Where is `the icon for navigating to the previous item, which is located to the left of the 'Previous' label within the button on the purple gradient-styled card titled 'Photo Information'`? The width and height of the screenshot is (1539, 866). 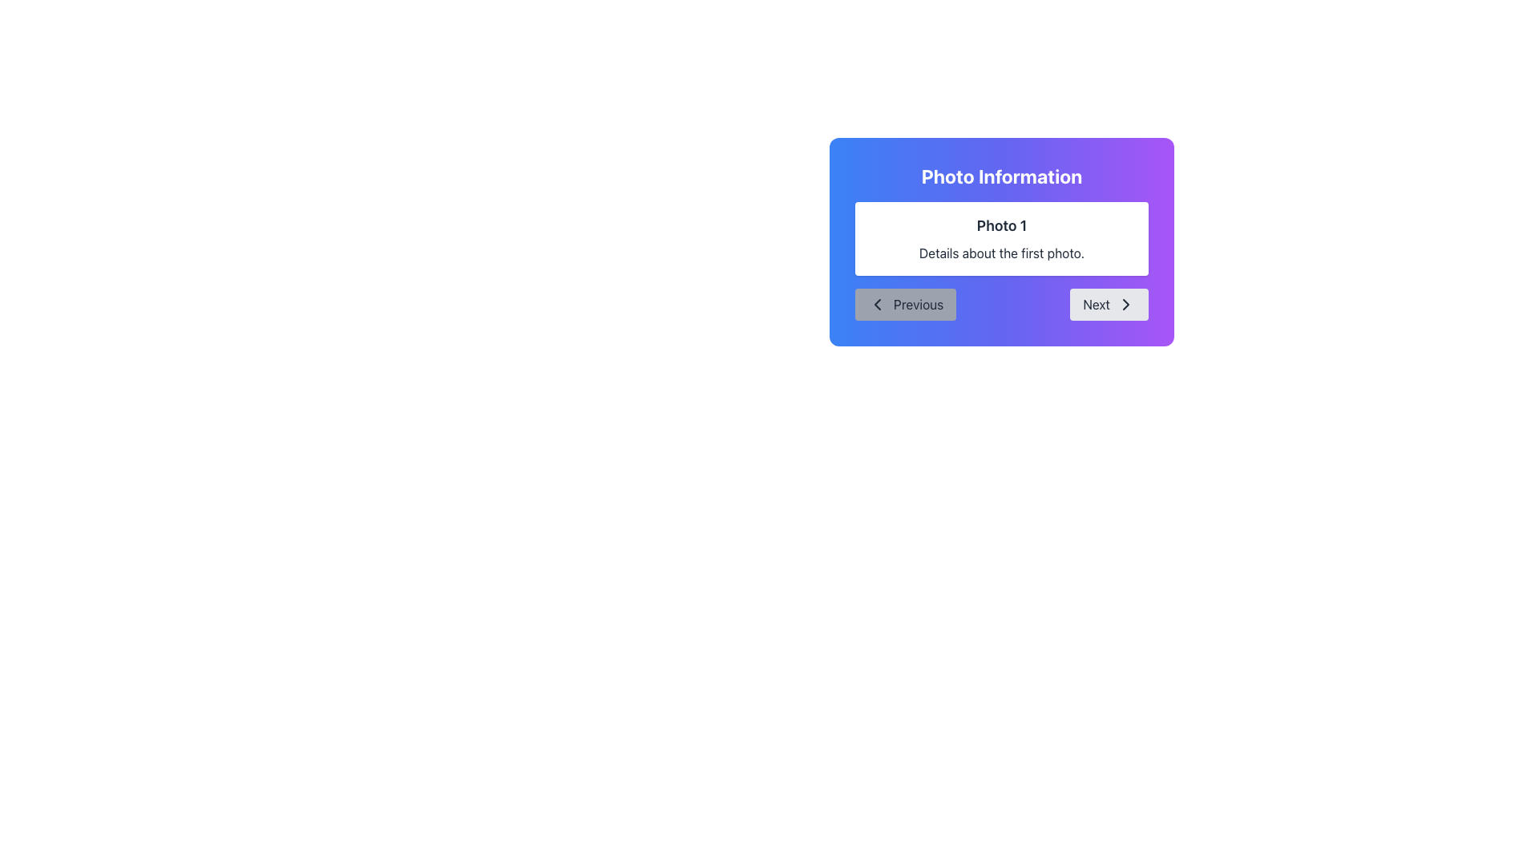 the icon for navigating to the previous item, which is located to the left of the 'Previous' label within the button on the purple gradient-styled card titled 'Photo Information' is located at coordinates (876, 305).